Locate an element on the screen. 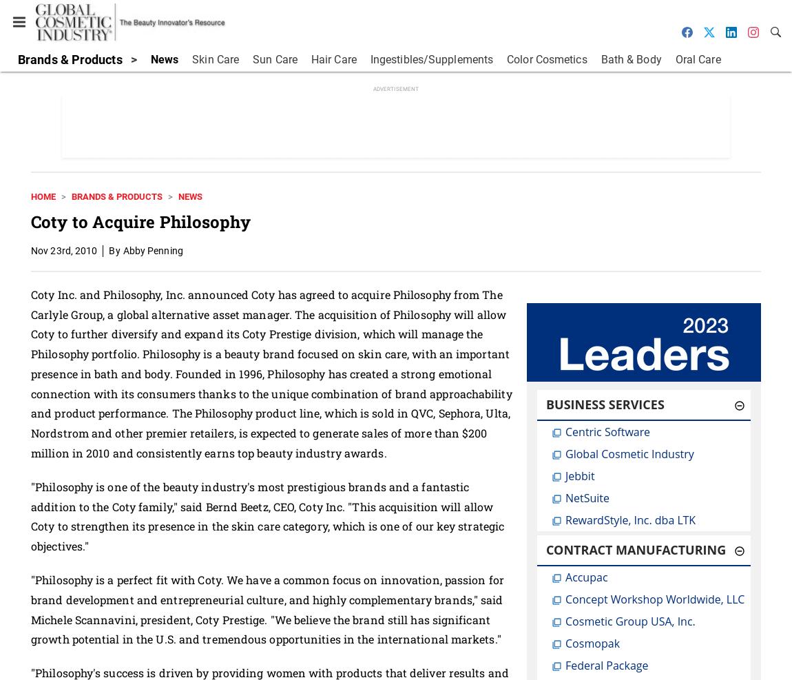  'Cosmopak' is located at coordinates (592, 643).